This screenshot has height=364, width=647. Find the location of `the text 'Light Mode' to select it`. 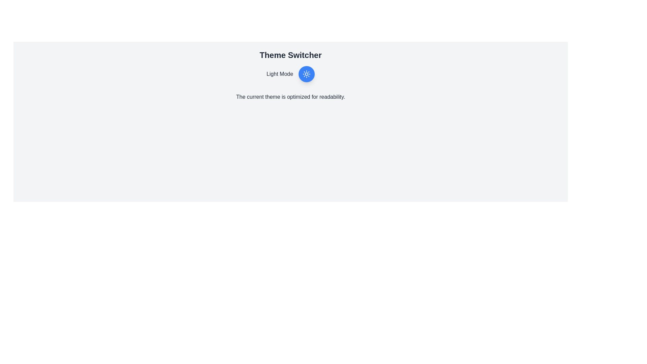

the text 'Light Mode' to select it is located at coordinates (280, 74).